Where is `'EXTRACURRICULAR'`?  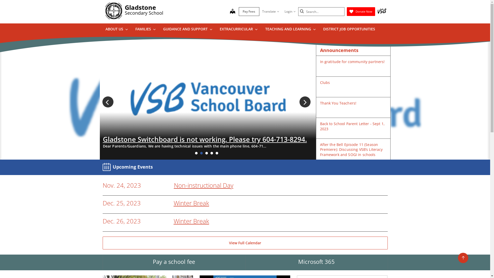 'EXTRACURRICULAR' is located at coordinates (238, 30).